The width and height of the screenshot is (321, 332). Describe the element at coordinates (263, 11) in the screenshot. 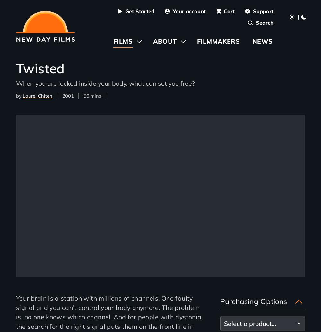

I see `'Support'` at that location.